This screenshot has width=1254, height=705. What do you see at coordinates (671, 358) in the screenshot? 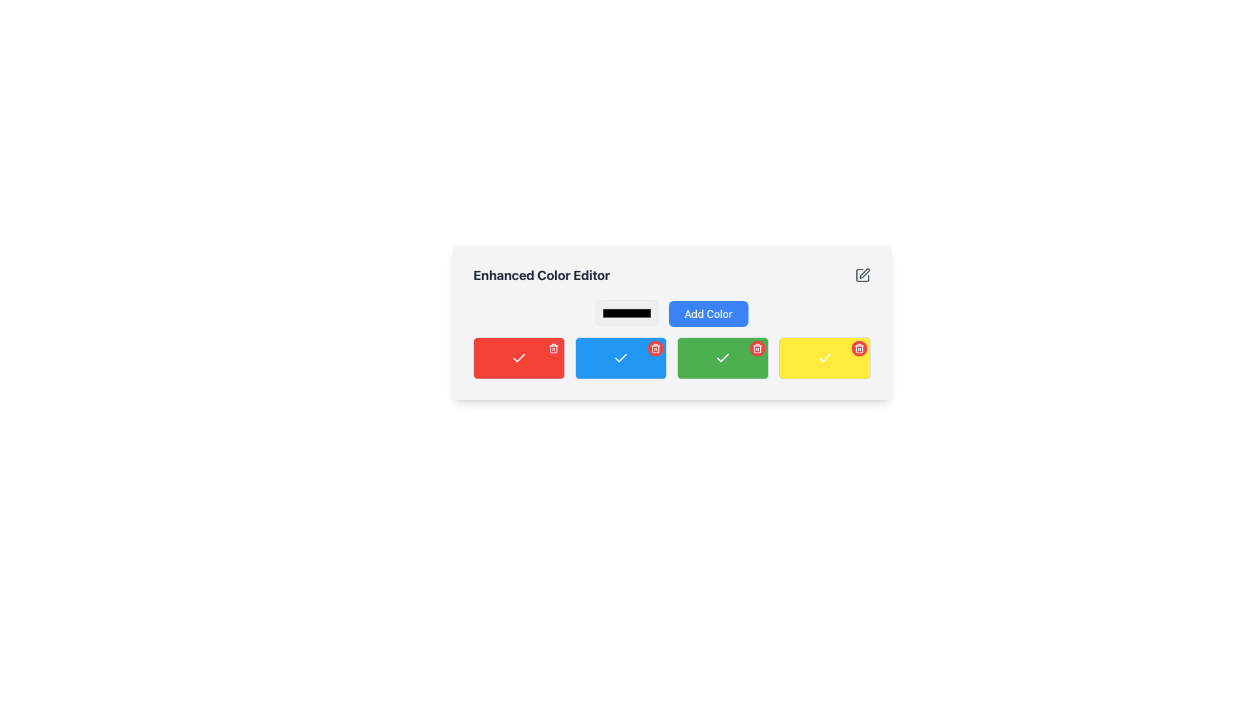
I see `inside the grid structure located near the bottom of the Enhanced Color Editor interface to interact with specific cells` at bounding box center [671, 358].